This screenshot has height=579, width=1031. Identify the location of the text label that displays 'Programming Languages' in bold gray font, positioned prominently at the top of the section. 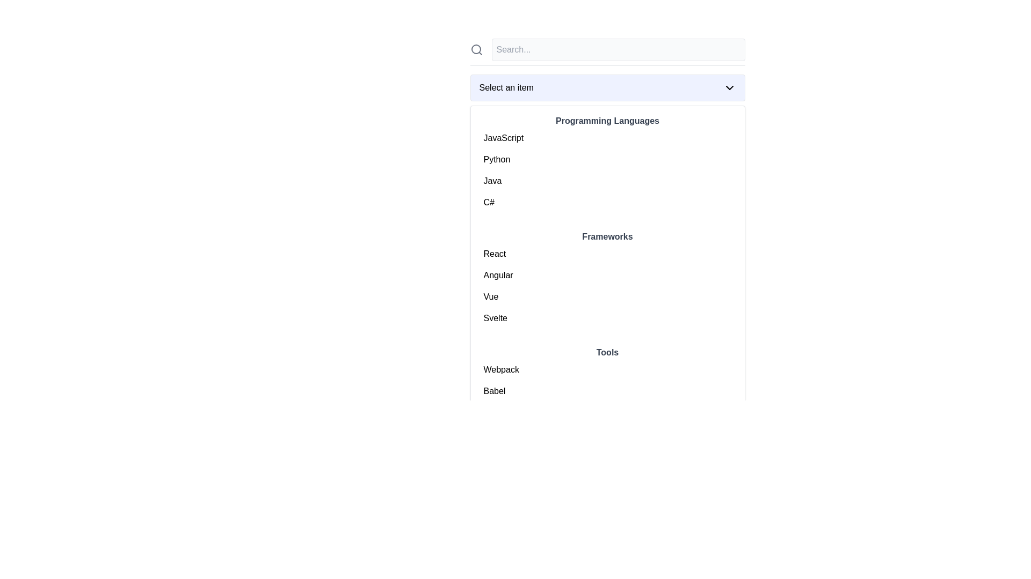
(607, 121).